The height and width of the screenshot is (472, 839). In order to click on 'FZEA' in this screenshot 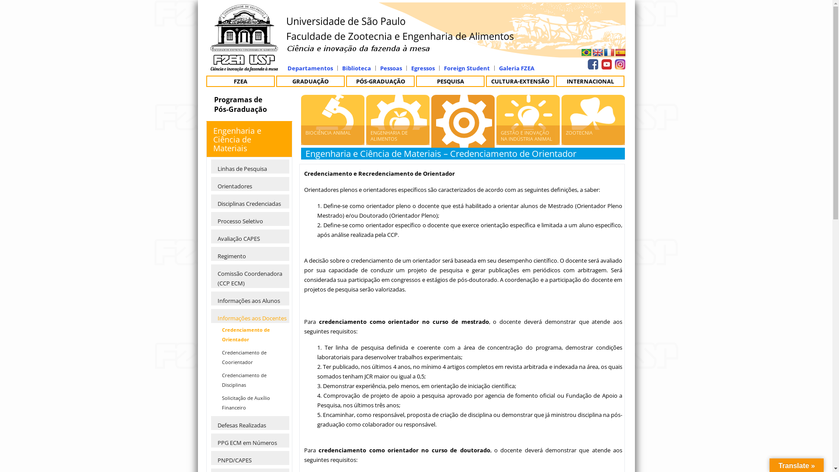, I will do `click(240, 81)`.